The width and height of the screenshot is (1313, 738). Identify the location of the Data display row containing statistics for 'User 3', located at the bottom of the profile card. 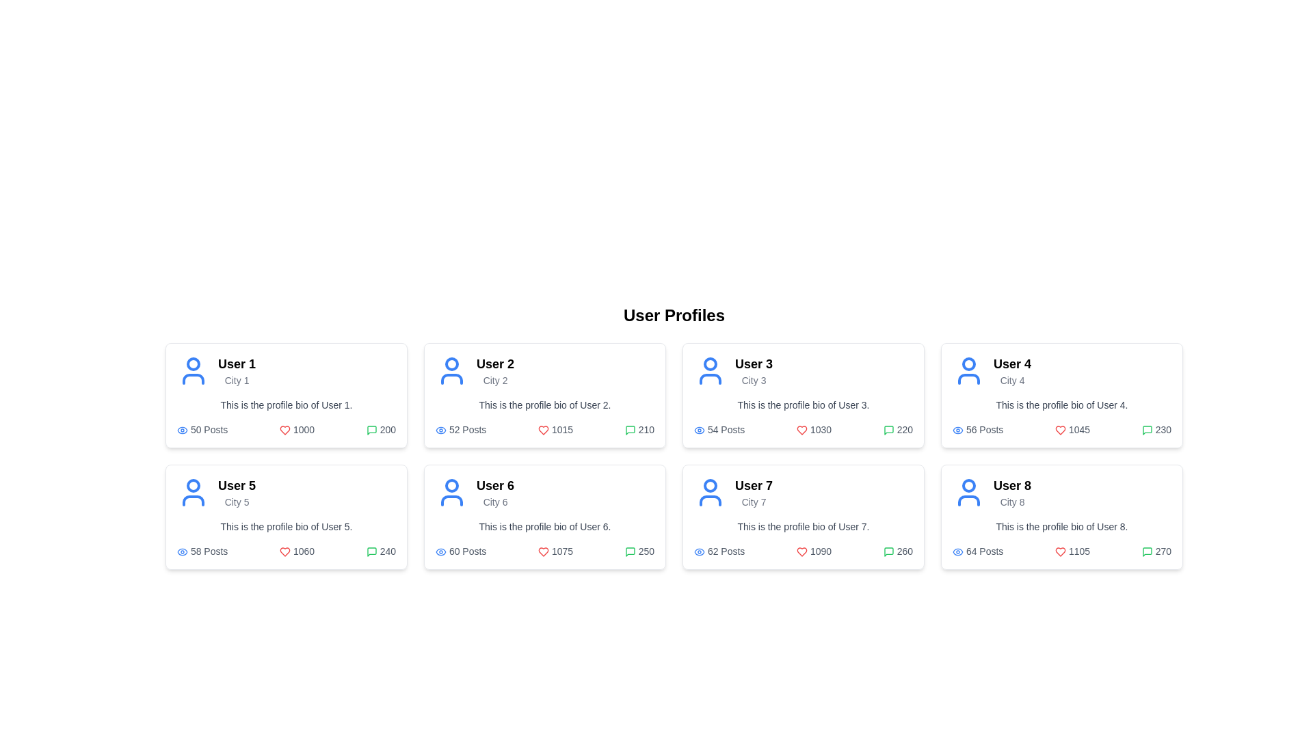
(804, 428).